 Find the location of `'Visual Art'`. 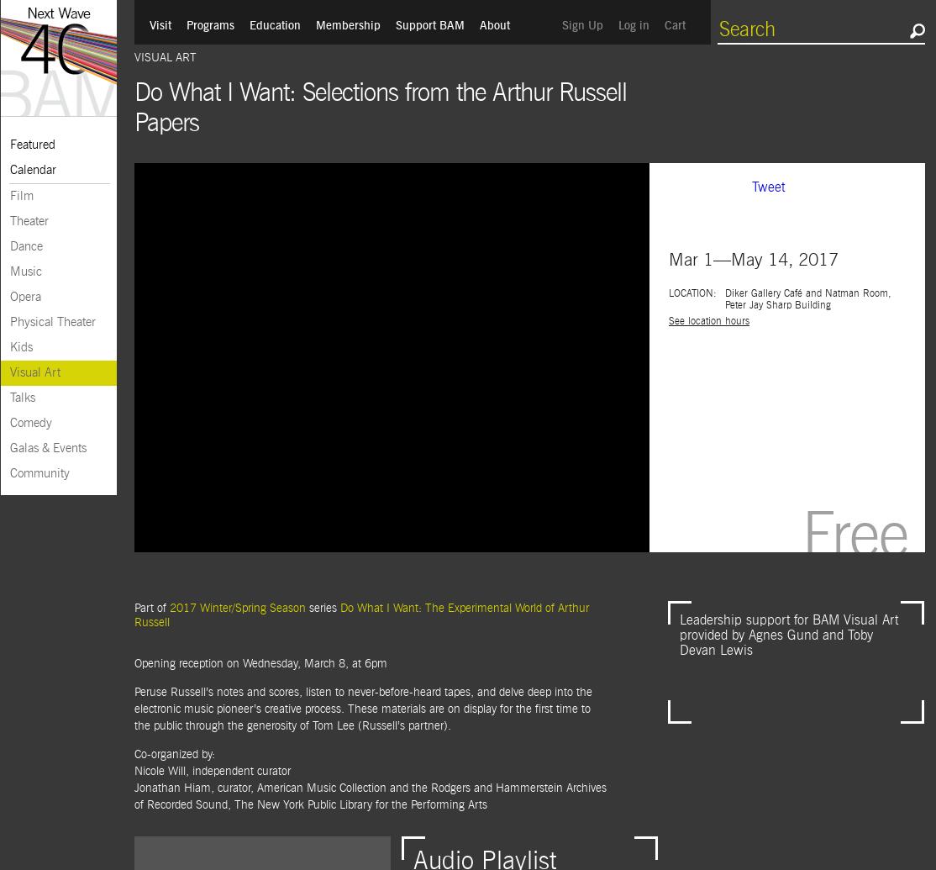

'Visual Art' is located at coordinates (165, 58).